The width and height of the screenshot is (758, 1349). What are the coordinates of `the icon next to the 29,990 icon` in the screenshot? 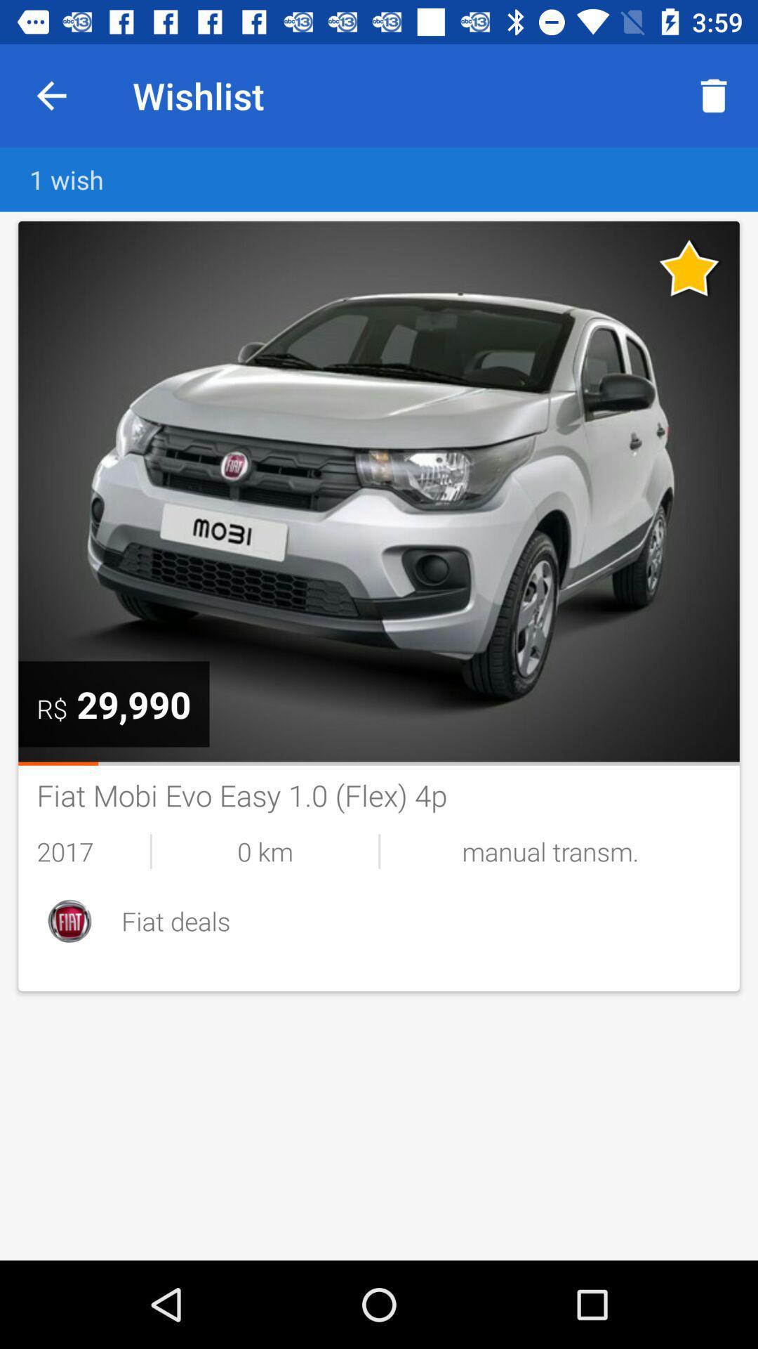 It's located at (51, 708).